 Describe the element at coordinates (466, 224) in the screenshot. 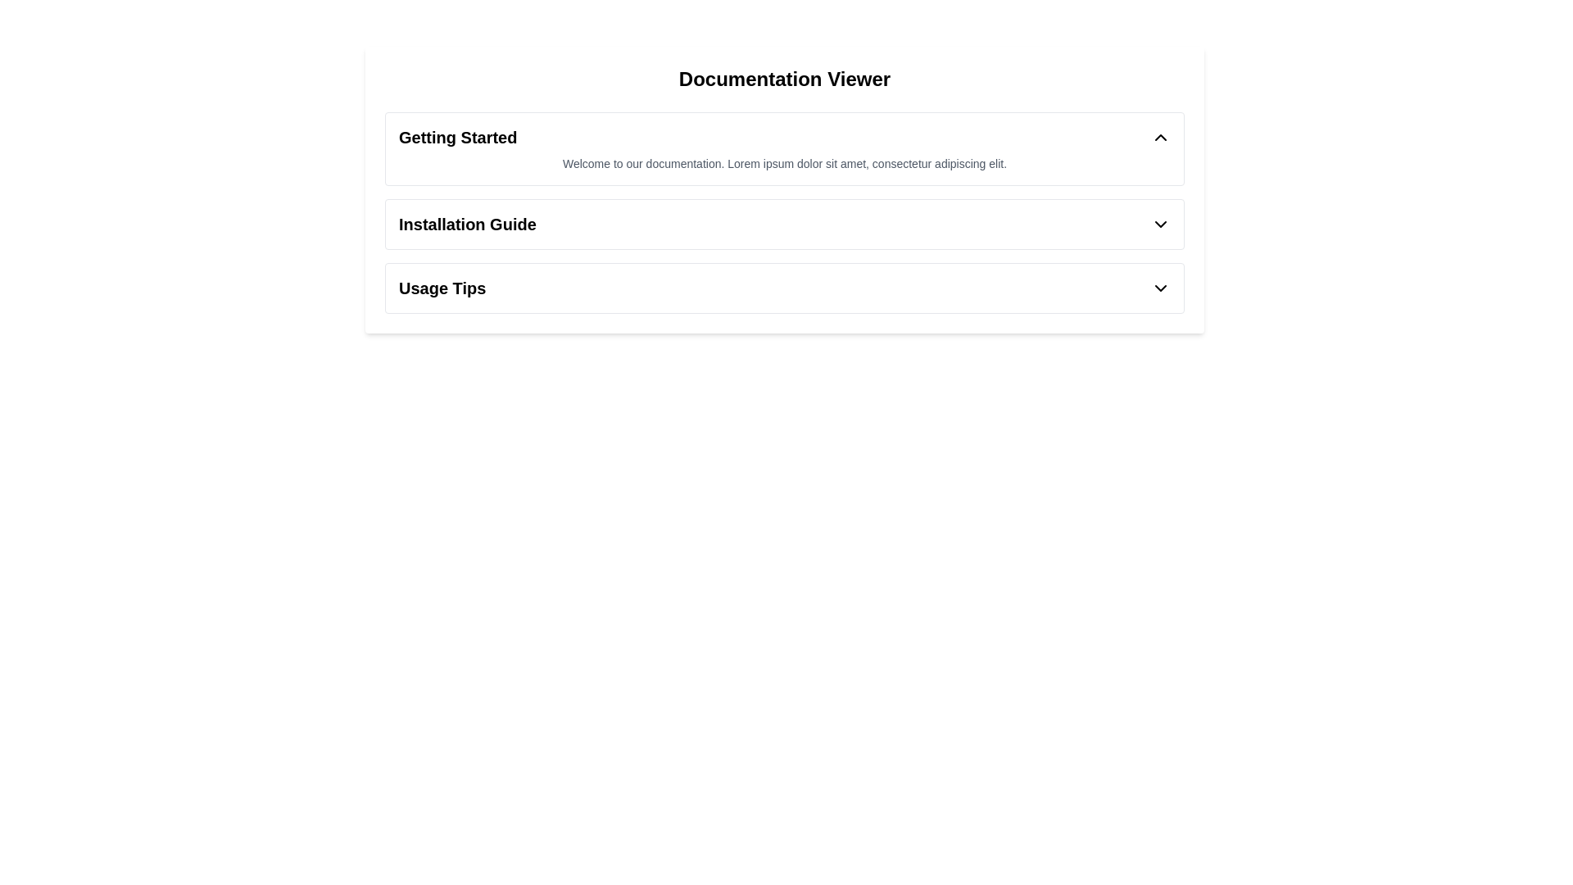

I see `text content from the 'Installation Guide' label, which is a bold, large font textual label positioned centrally in the second section below 'Getting Started'` at that location.